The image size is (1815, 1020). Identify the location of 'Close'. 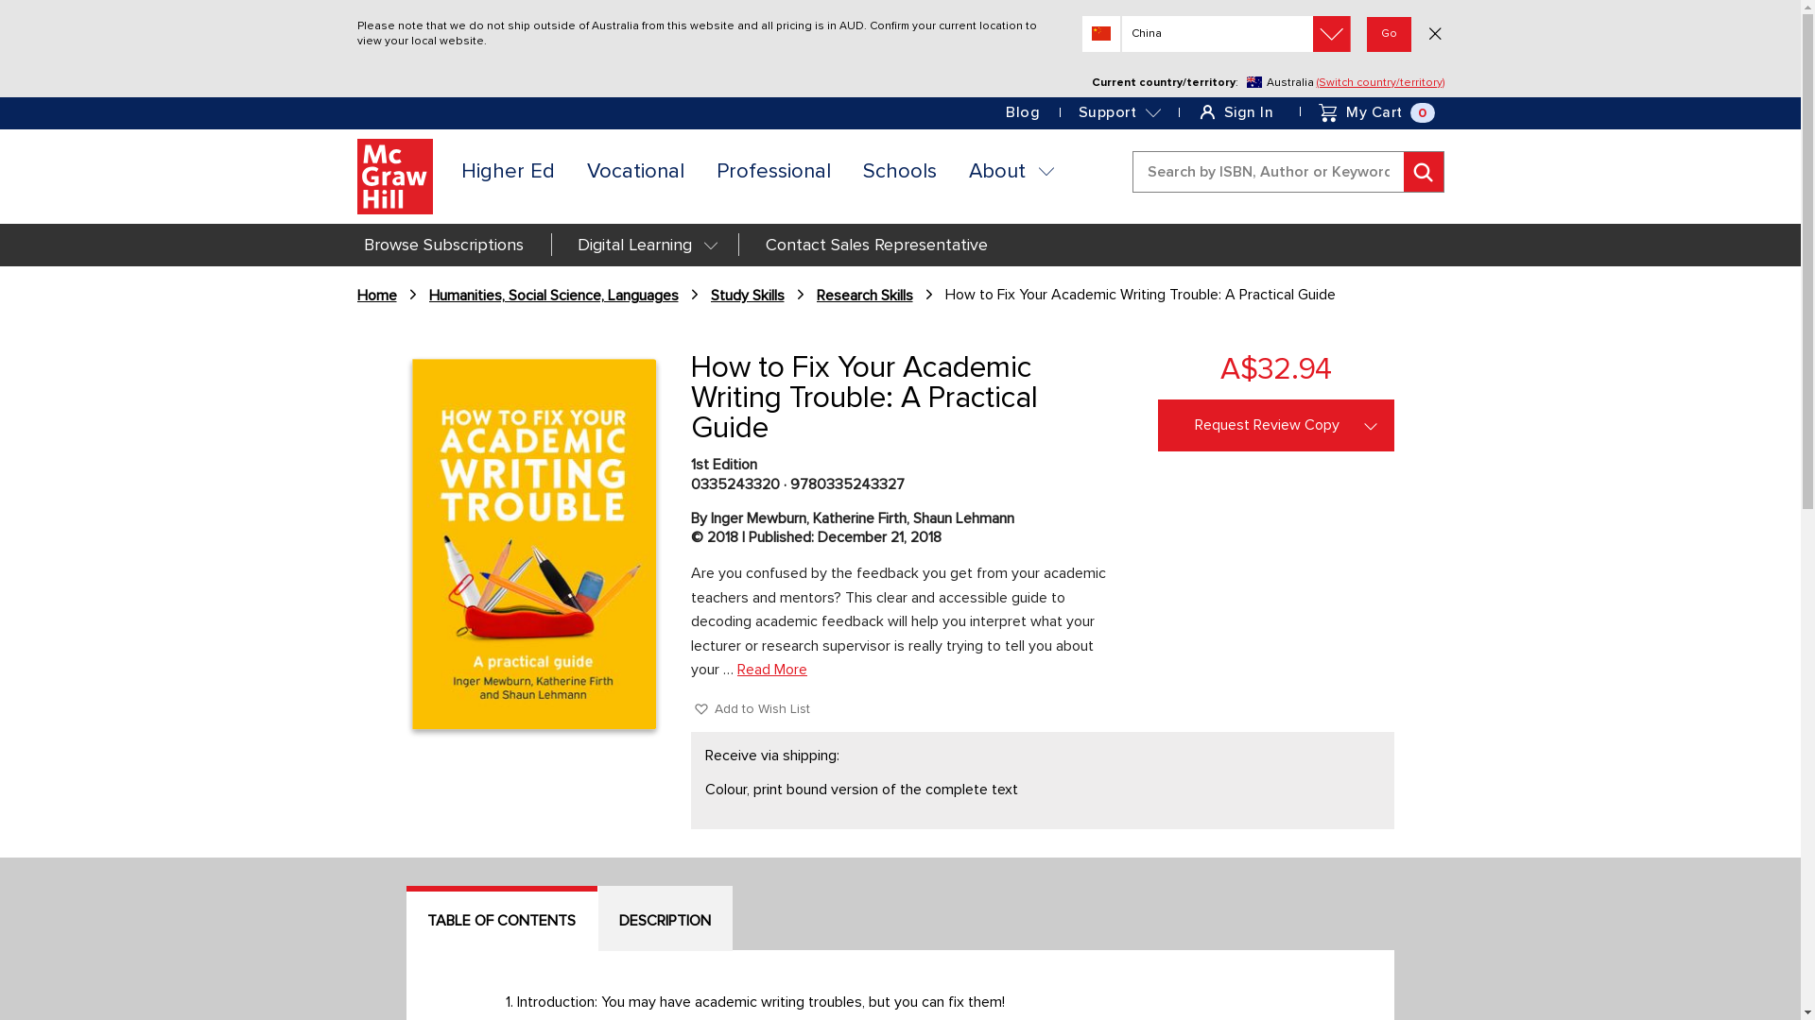
(1434, 34).